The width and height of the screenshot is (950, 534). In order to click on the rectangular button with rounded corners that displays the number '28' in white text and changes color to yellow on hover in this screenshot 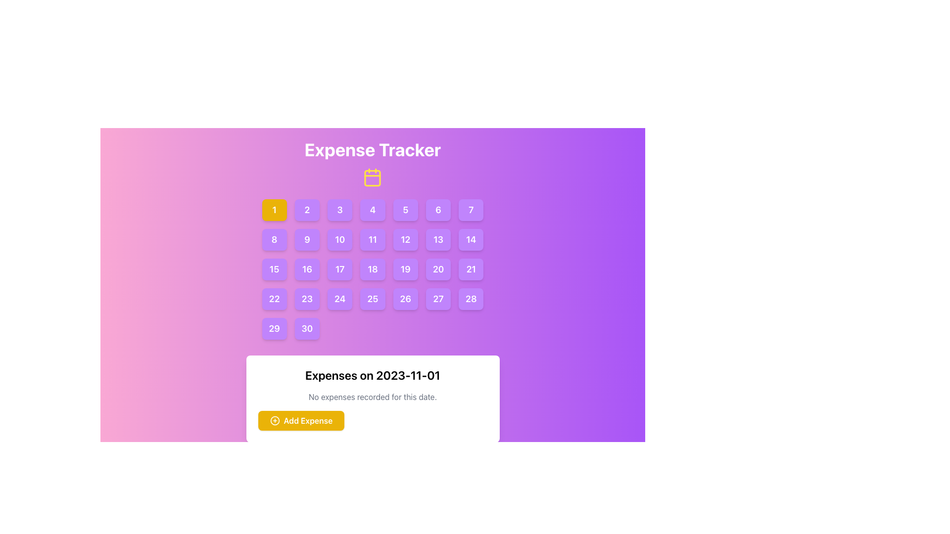, I will do `click(471, 299)`.